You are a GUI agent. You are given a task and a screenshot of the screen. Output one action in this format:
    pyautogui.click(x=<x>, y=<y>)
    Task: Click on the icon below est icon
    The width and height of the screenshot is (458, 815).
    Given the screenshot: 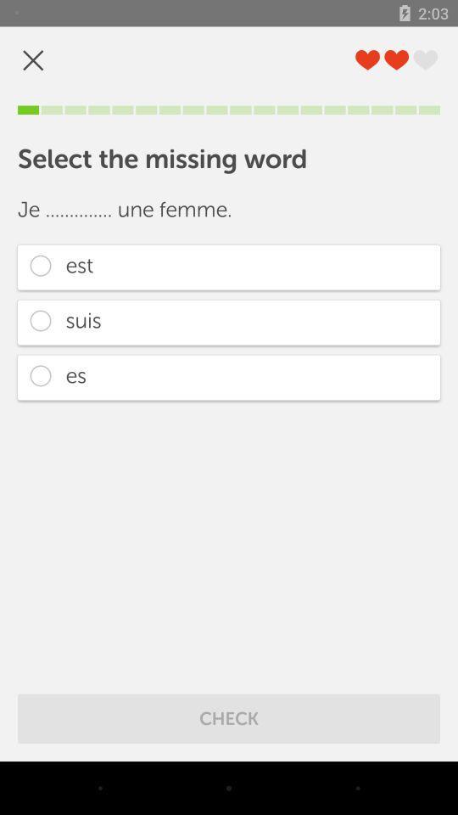 What is the action you would take?
    pyautogui.click(x=229, y=322)
    